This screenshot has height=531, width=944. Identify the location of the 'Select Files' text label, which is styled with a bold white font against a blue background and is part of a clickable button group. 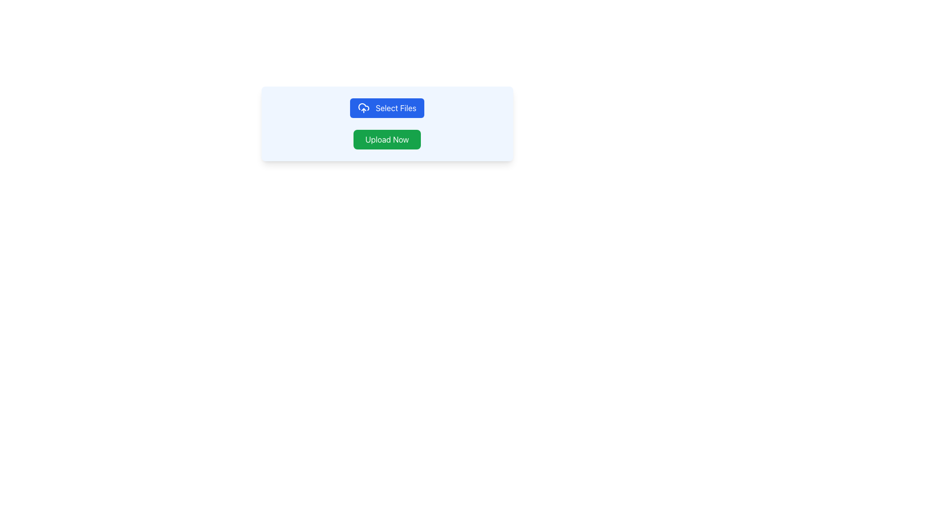
(396, 108).